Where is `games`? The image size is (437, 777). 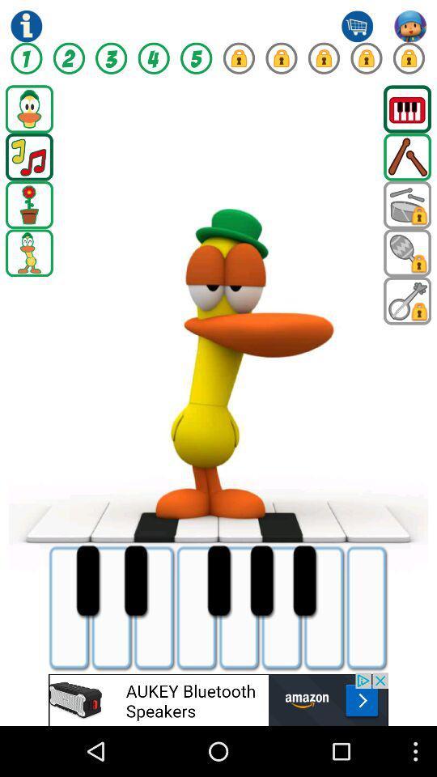 games is located at coordinates (406, 204).